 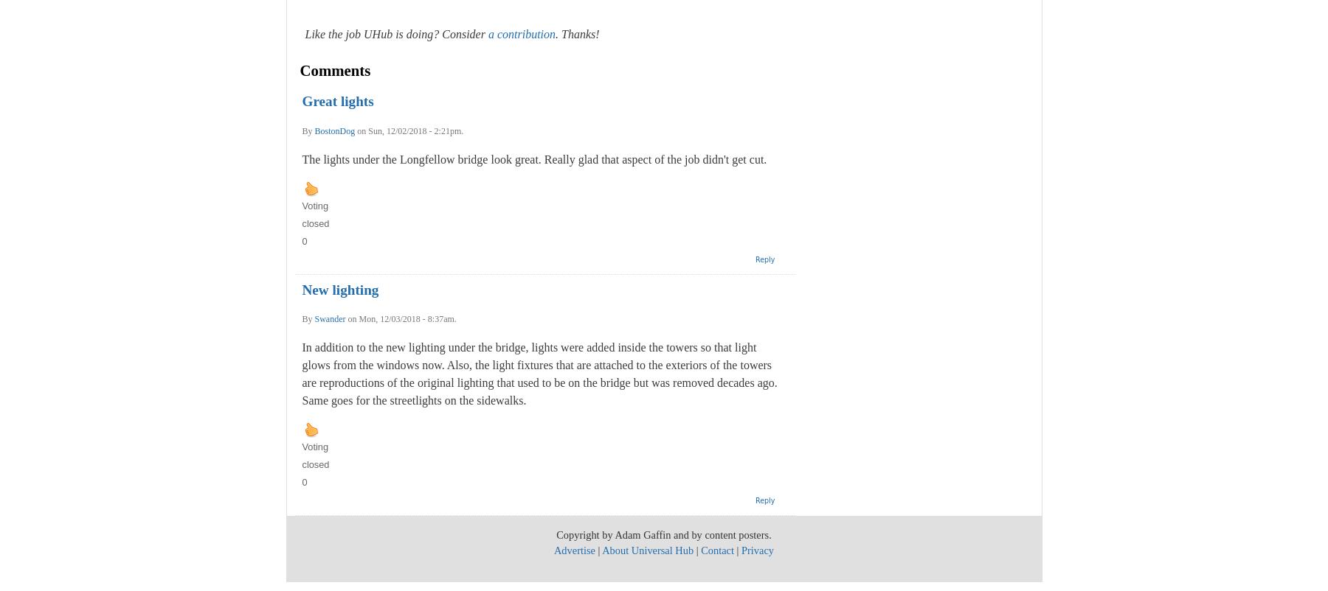 What do you see at coordinates (573, 550) in the screenshot?
I see `'Advertise'` at bounding box center [573, 550].